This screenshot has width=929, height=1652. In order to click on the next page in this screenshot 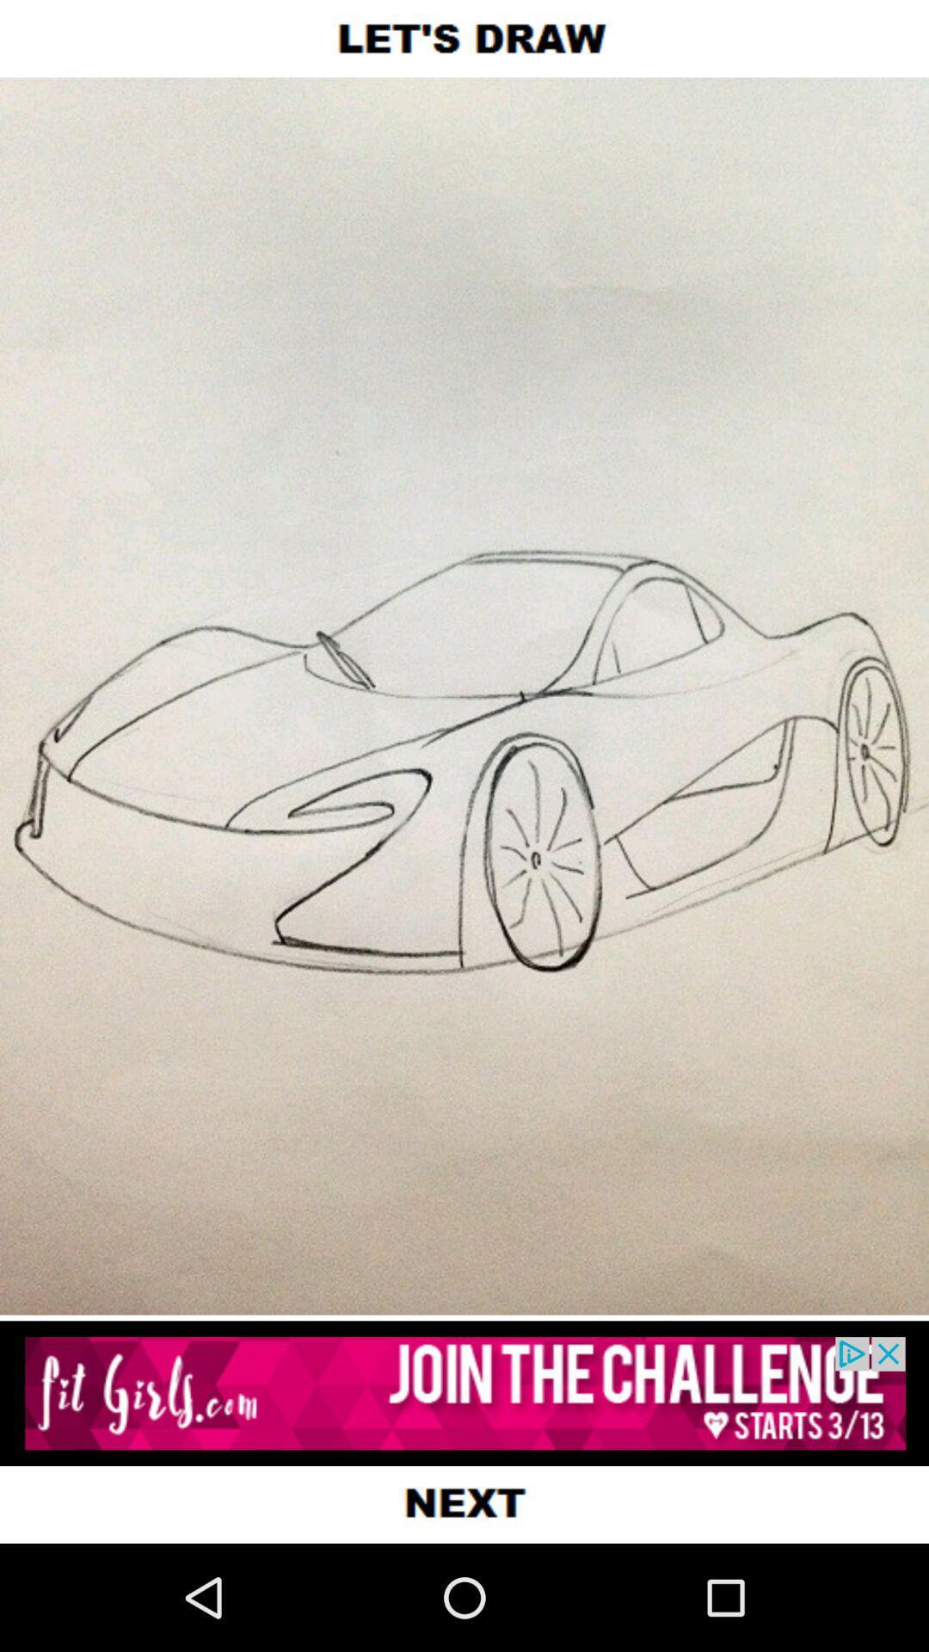, I will do `click(464, 1503)`.